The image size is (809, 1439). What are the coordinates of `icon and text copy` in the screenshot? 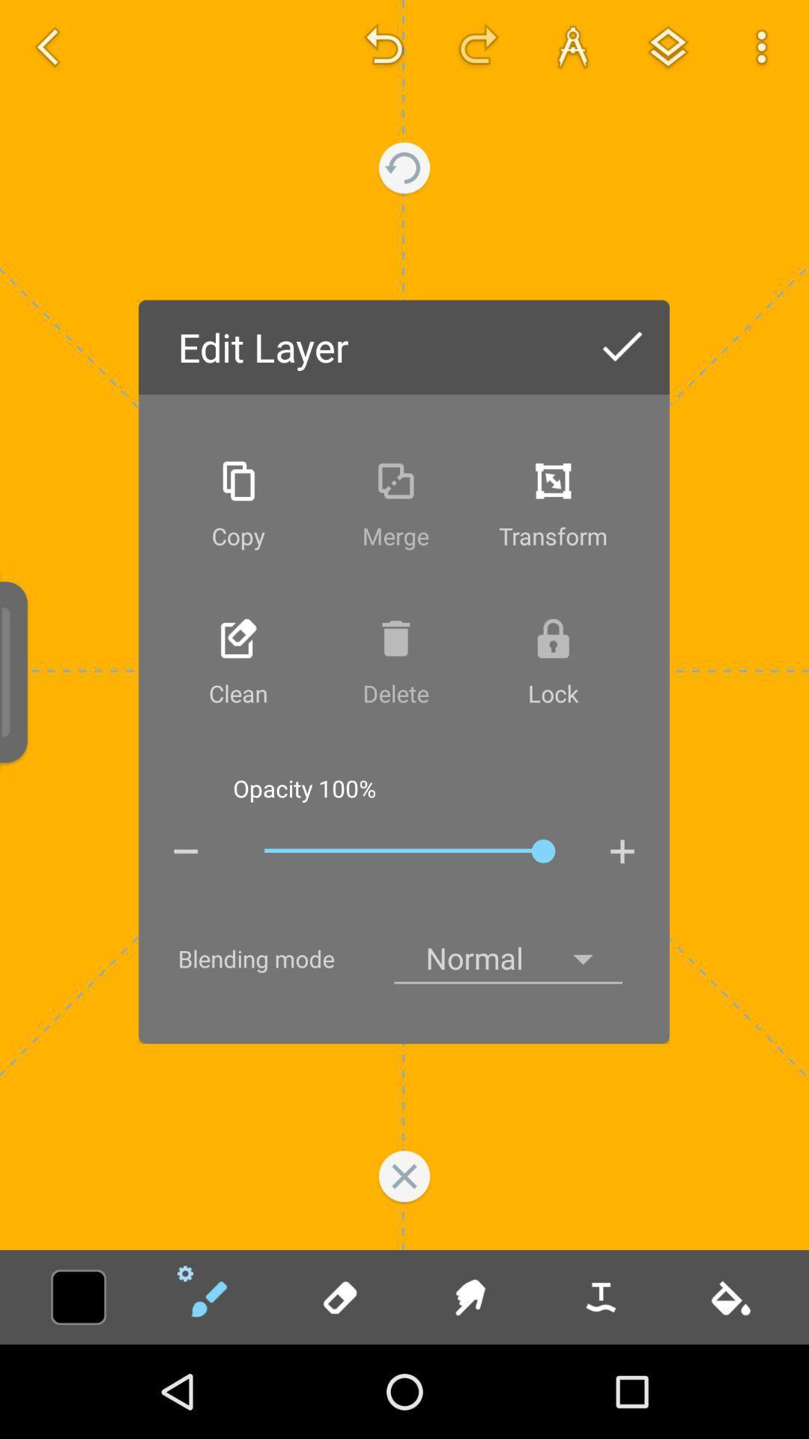 It's located at (237, 504).